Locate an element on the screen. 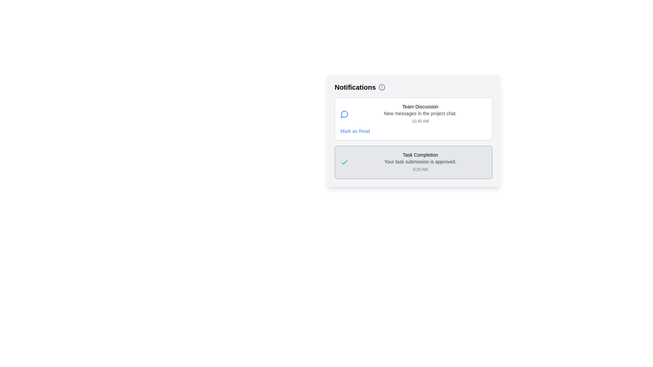  the checkmark icon in the notification entry that represents an approval message about task submission is located at coordinates (344, 162).